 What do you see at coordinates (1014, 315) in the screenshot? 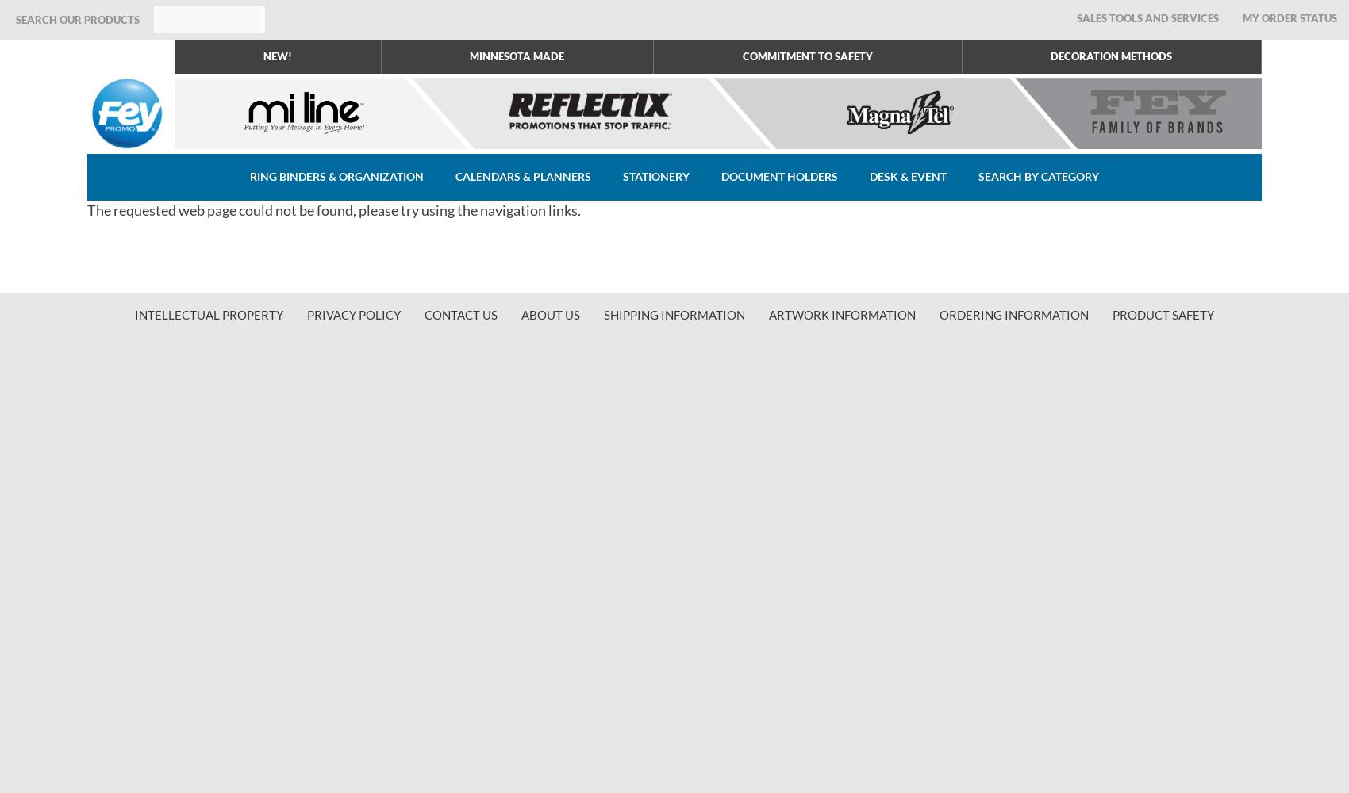
I see `'Ordering Information'` at bounding box center [1014, 315].